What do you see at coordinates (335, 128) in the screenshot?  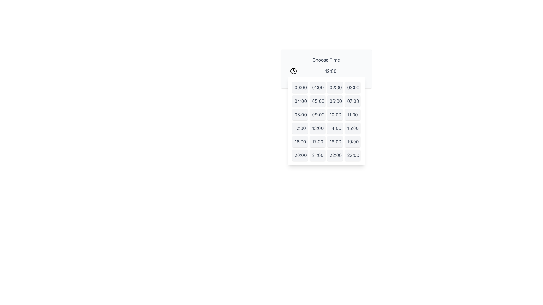 I see `the time selection button located in the fourth row and third column of the grid` at bounding box center [335, 128].